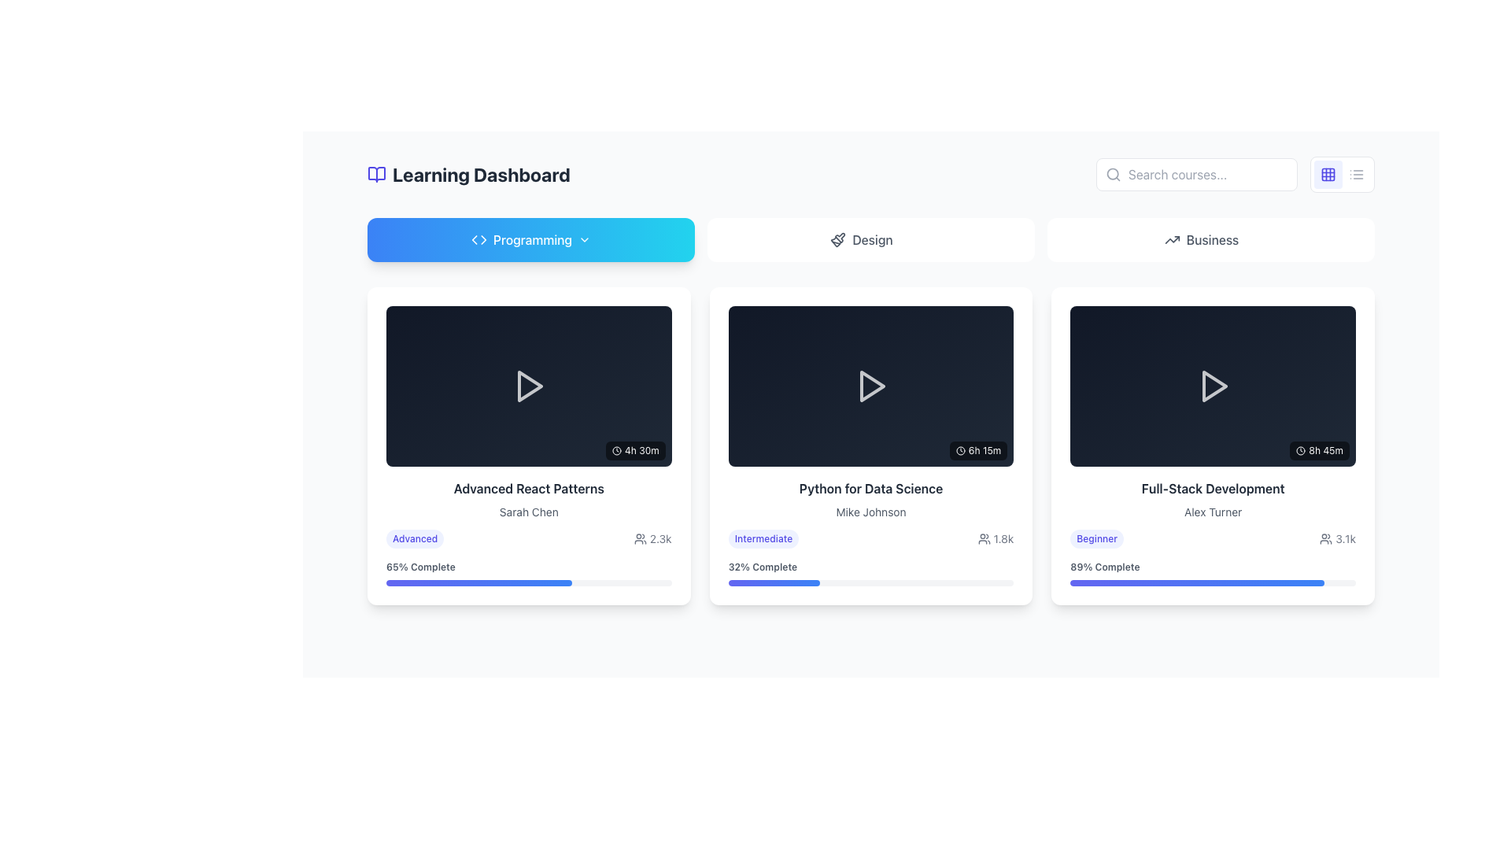 Image resolution: width=1511 pixels, height=850 pixels. What do you see at coordinates (415, 538) in the screenshot?
I see `the difficulty level label located in the 'Advanced React Patterns' card under the 'Programming' category, positioned above the progress bar and below the main title` at bounding box center [415, 538].